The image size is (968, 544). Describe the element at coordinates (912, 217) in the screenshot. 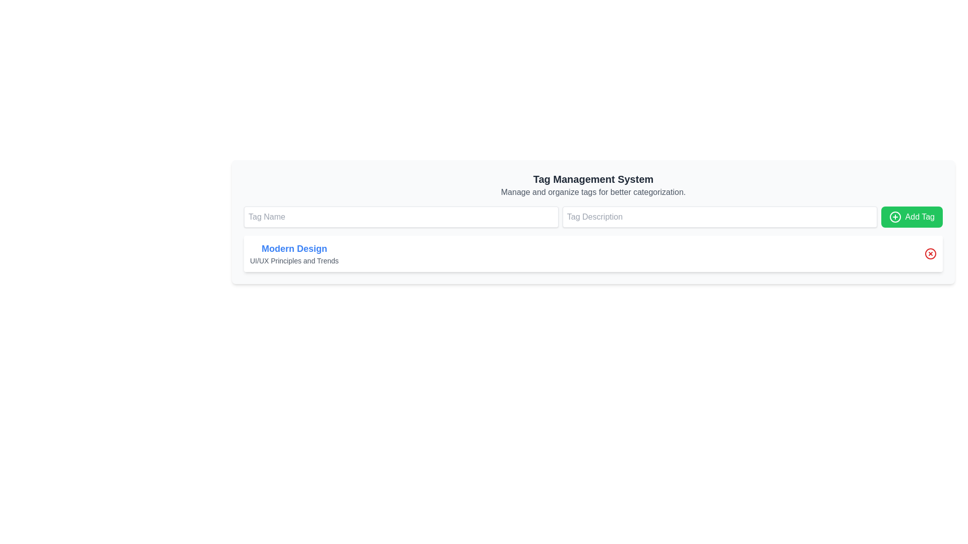

I see `the button that adds a new tag, located to the far right of the input fields labeled 'Tag Name' and 'Tag Description'` at that location.